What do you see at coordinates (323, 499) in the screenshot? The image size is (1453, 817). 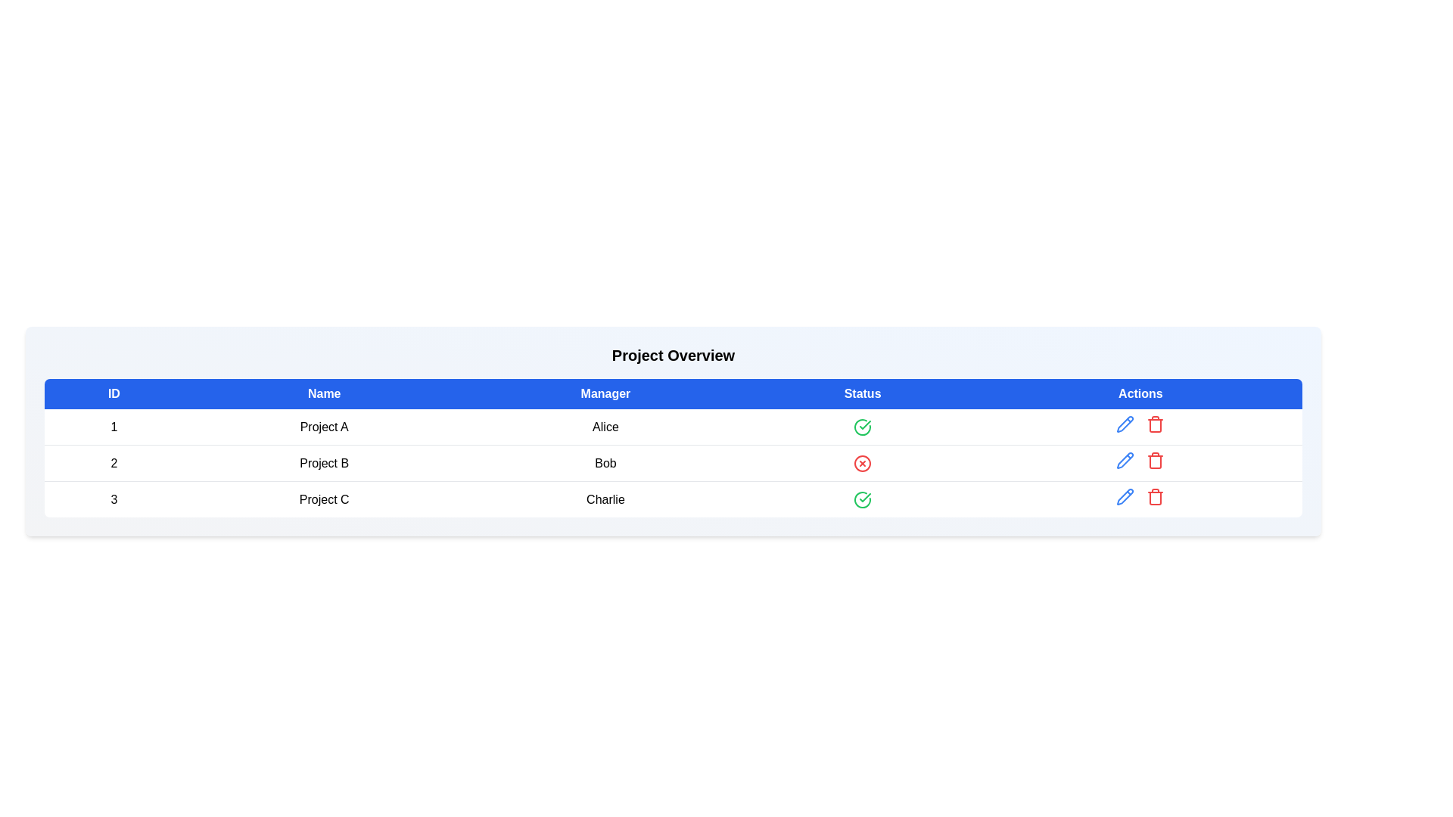 I see `the text label displaying 'Project C', which is located in the second column of the third row in a tabular structure, flanked by '3' on the left and 'Charlie' on the right` at bounding box center [323, 499].